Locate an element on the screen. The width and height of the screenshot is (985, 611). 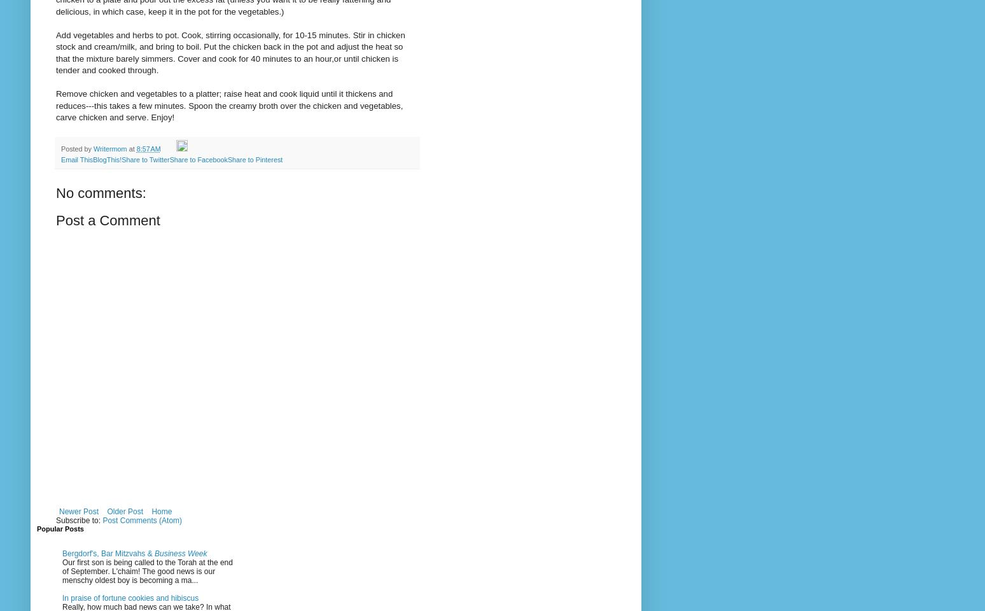
'Email This' is located at coordinates (77, 158).